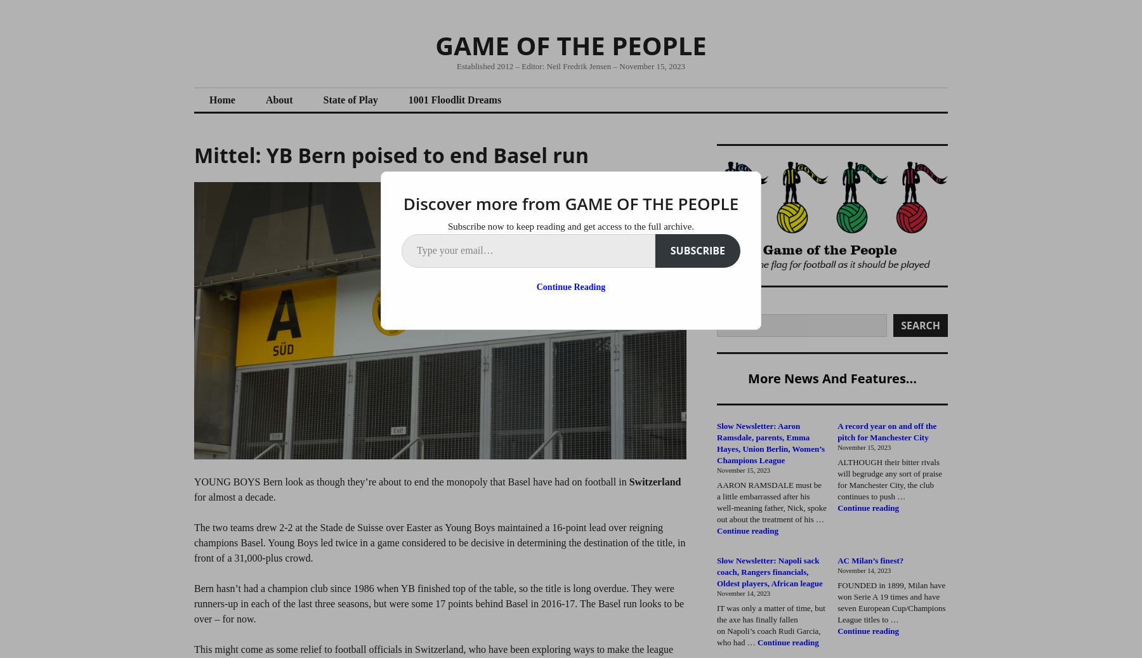 Image resolution: width=1142 pixels, height=658 pixels. What do you see at coordinates (889, 478) in the screenshot?
I see `'ALTHOUGH their bitter rivals will begrudge any sort of praise for Manchester City, the club continues to push …'` at bounding box center [889, 478].